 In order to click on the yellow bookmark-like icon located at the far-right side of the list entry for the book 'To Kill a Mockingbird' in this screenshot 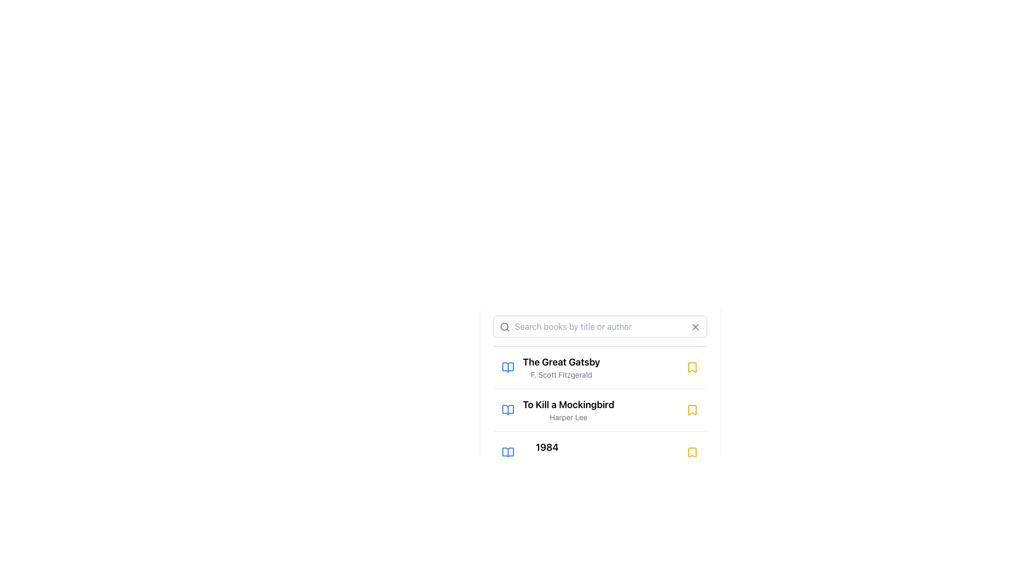, I will do `click(692, 409)`.